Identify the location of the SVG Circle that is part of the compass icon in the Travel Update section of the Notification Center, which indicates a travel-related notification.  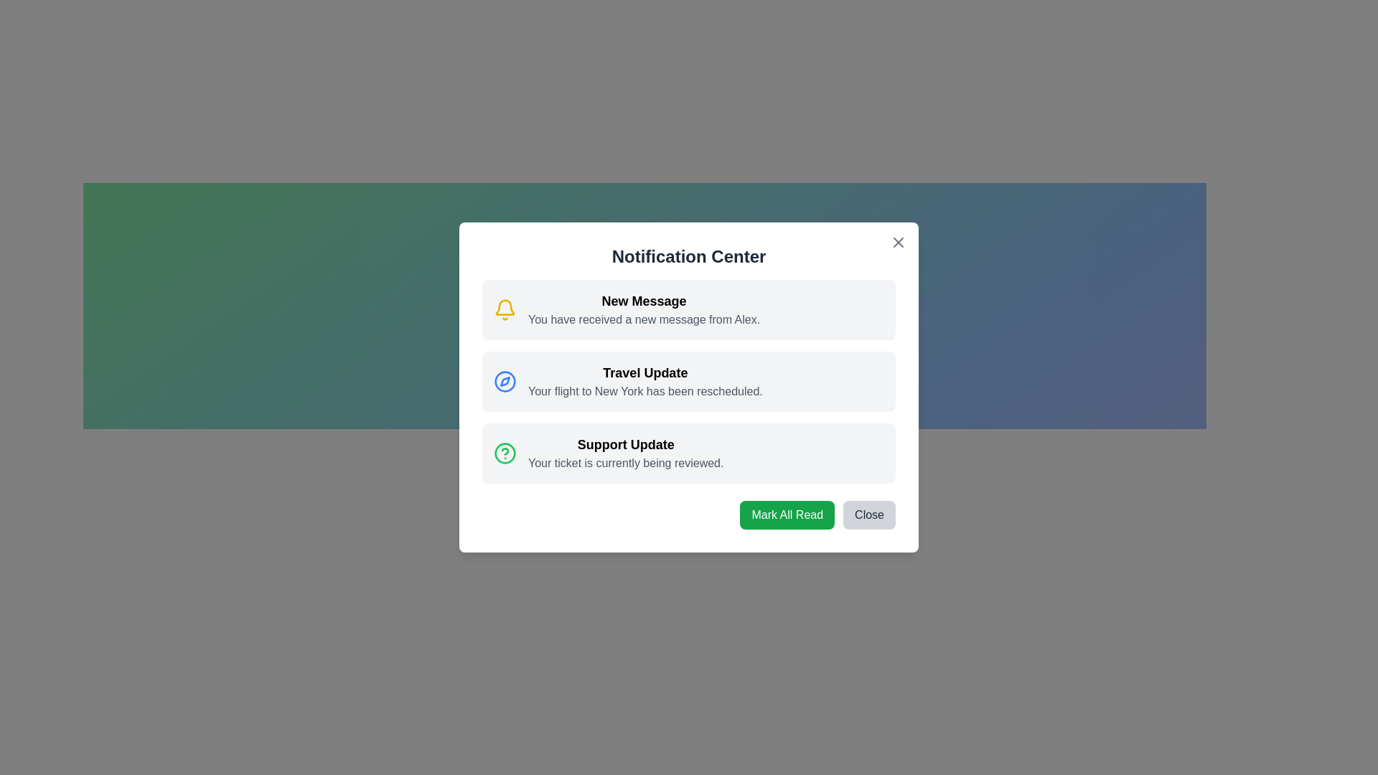
(505, 381).